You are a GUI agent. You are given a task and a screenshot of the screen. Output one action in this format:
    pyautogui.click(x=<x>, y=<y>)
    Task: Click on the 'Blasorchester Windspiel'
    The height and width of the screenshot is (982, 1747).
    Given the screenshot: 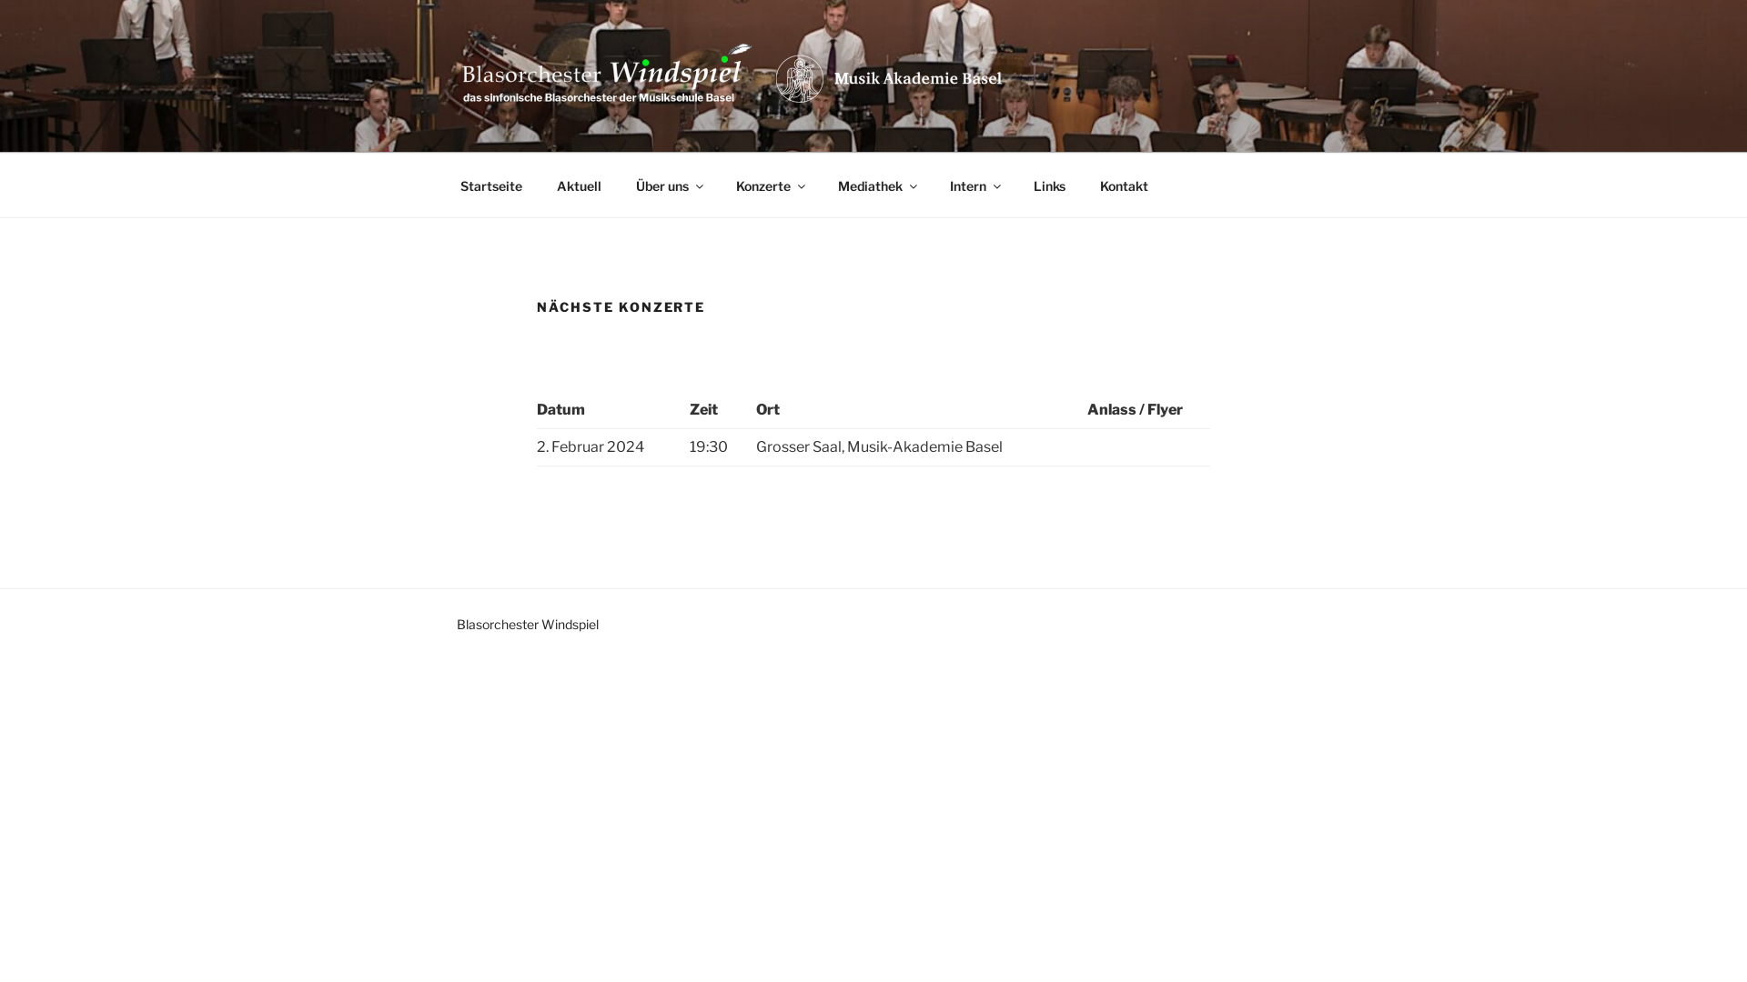 What is the action you would take?
    pyautogui.click(x=527, y=623)
    